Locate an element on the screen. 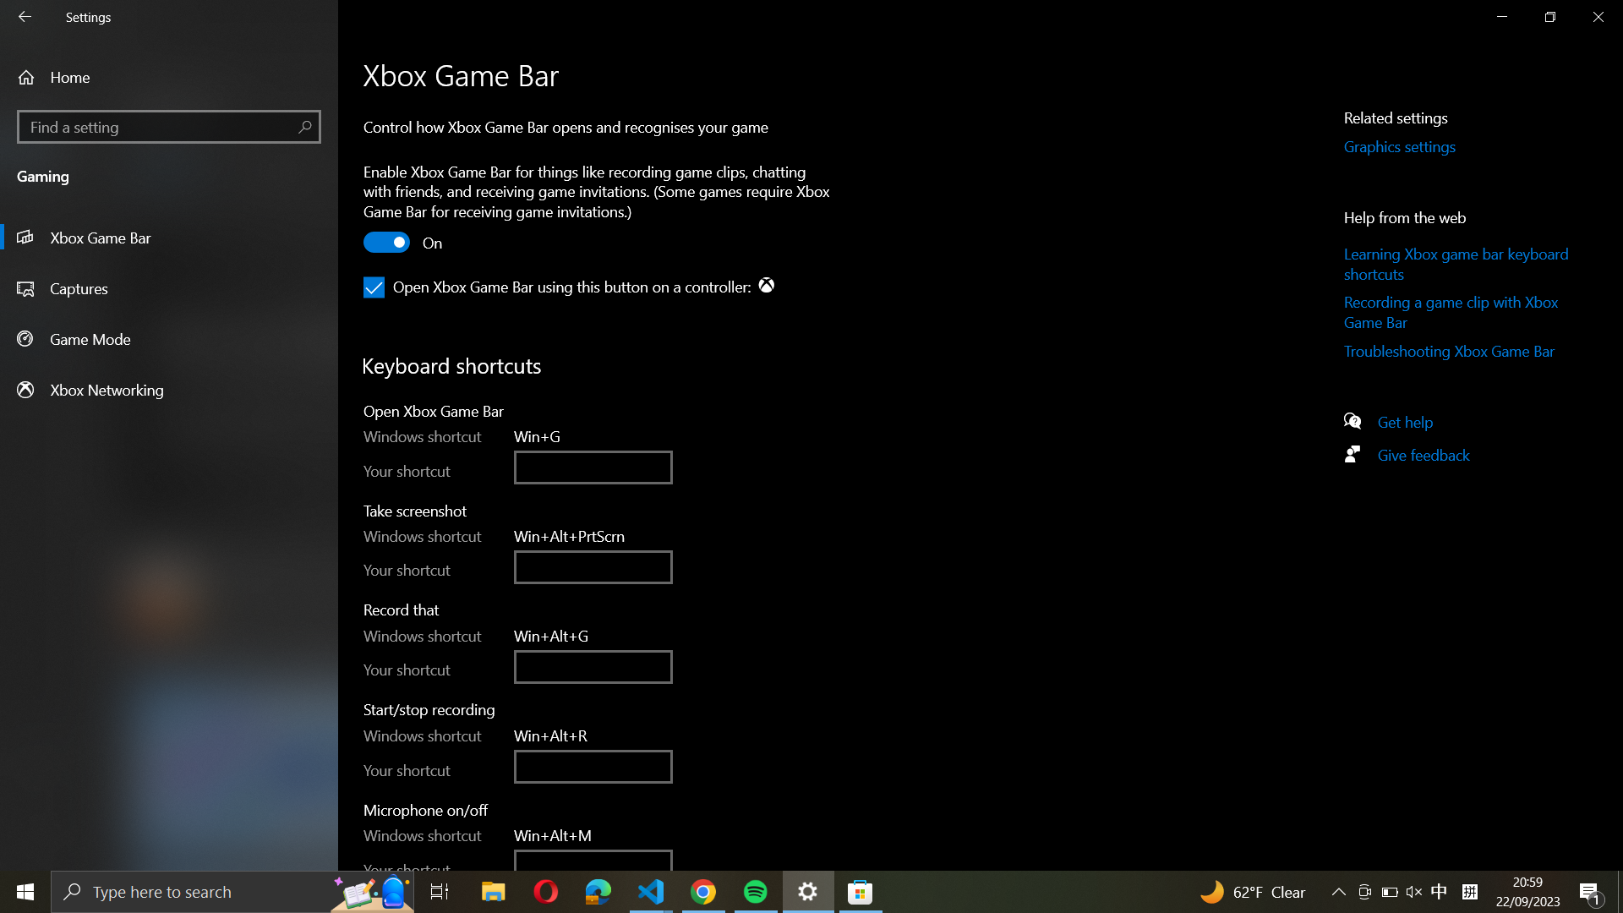 The height and width of the screenshot is (913, 1623). Reach the Graphics Settings by selecting the corresponding button available on the right control panel is located at coordinates (1419, 146).